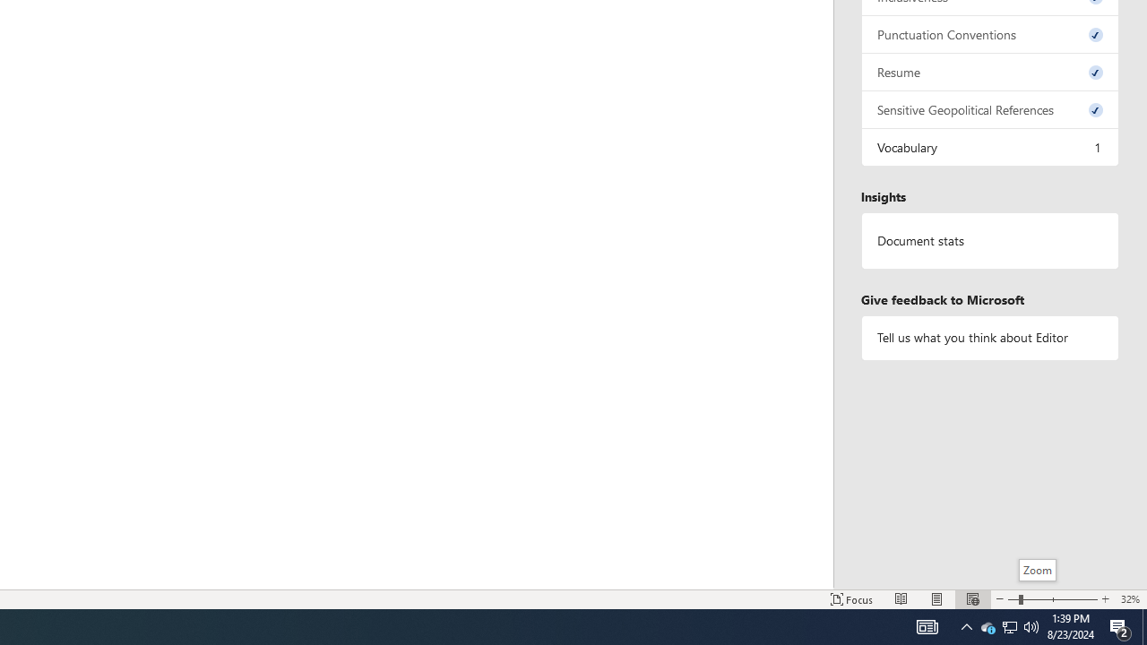 This screenshot has height=645, width=1147. What do you see at coordinates (989, 338) in the screenshot?
I see `'Tell us what you think about Editor'` at bounding box center [989, 338].